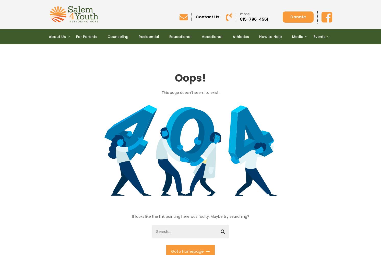  Describe the element at coordinates (319, 59) in the screenshot. I see `'“FORE THE BOYS!” Annual Golf Outing'` at that location.